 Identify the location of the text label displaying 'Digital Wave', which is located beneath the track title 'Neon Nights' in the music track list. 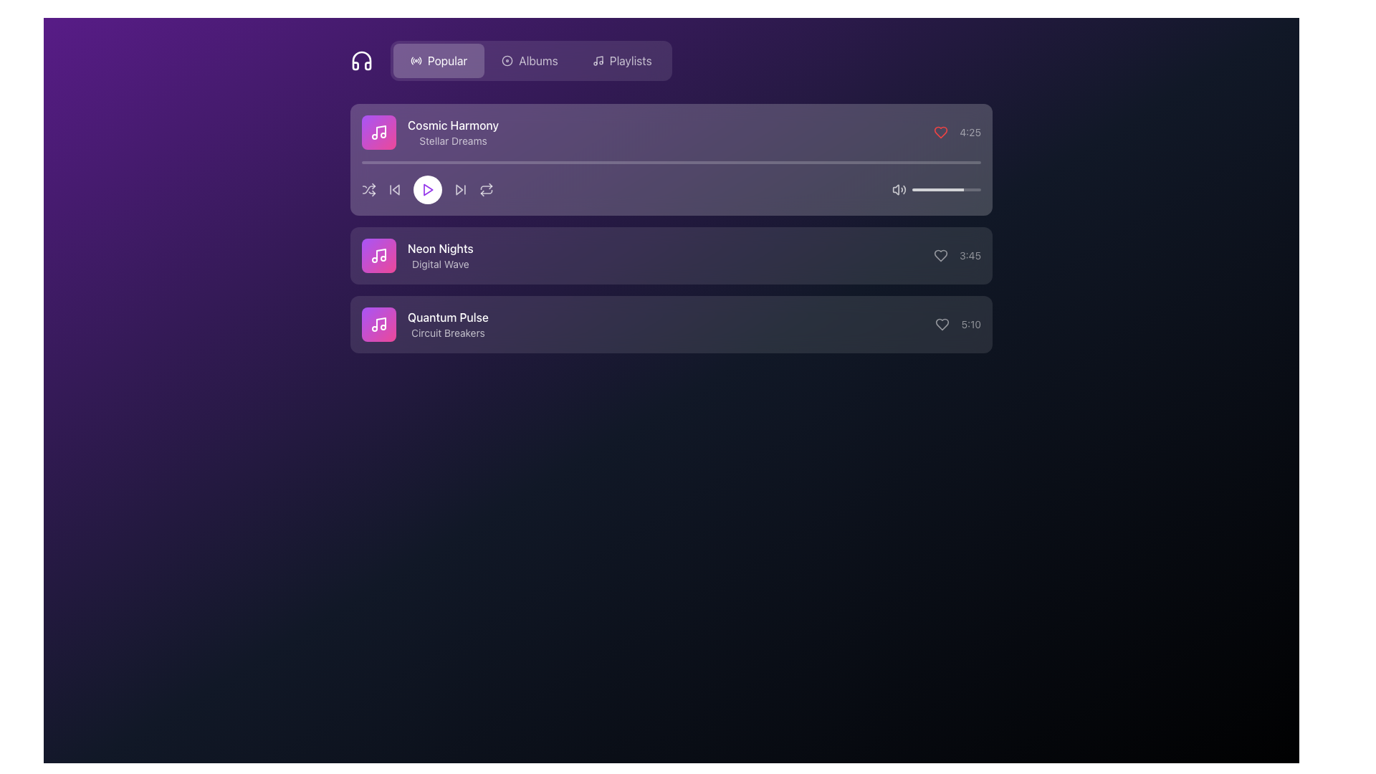
(439, 264).